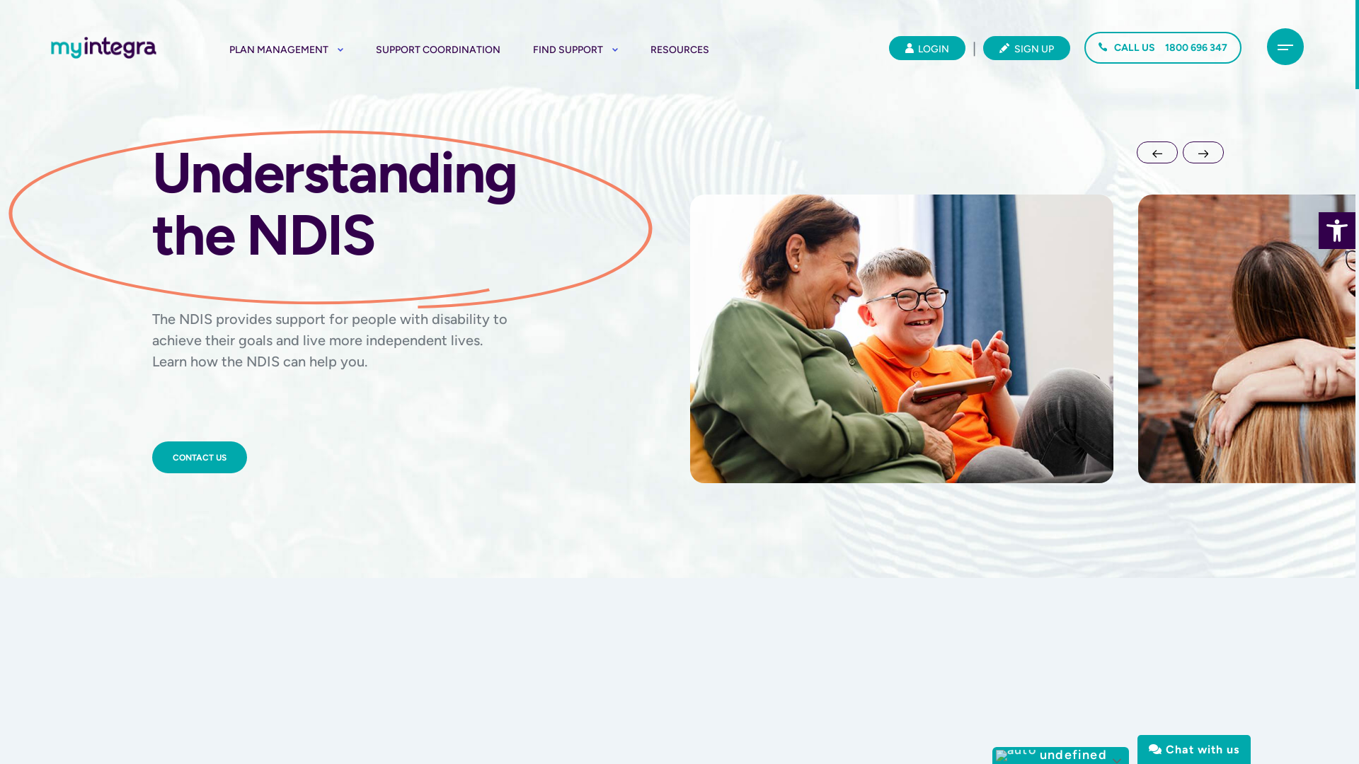  What do you see at coordinates (1317, 230) in the screenshot?
I see `'Open toolbar` at bounding box center [1317, 230].